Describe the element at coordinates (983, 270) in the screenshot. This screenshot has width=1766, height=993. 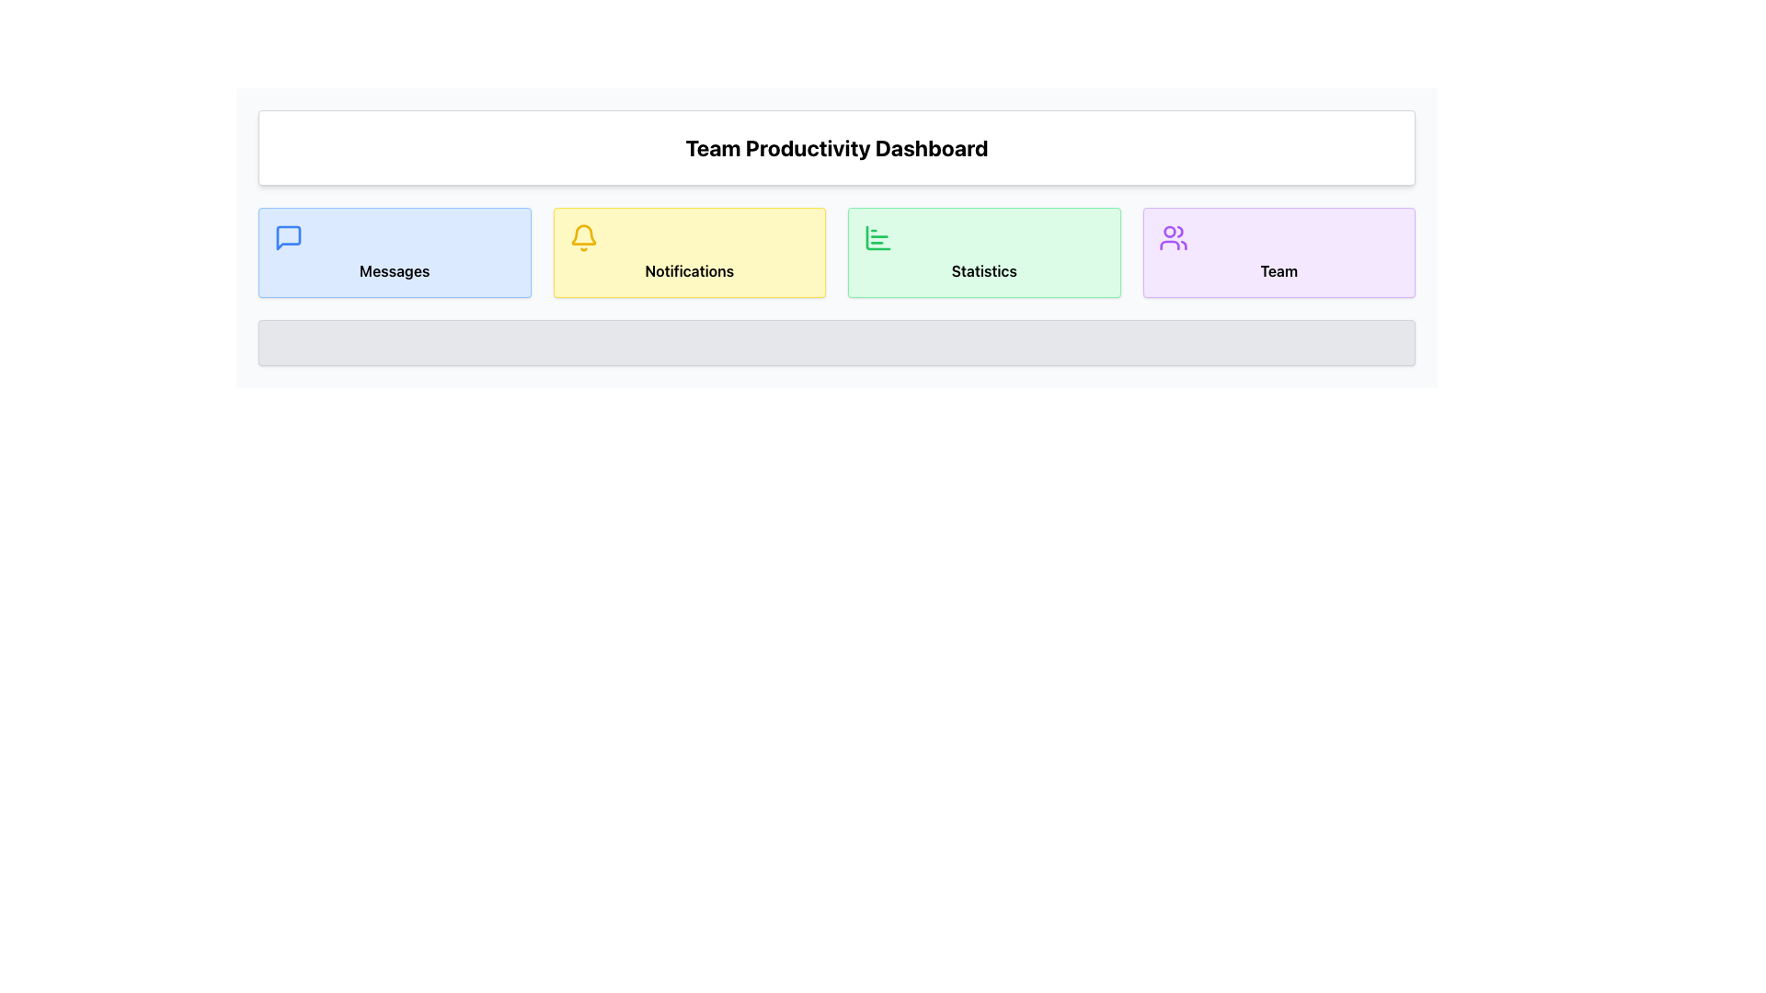
I see `the static text label displaying 'Statistics' in bold font, which is located within a light green rectangular background on the central-right side of the interface` at that location.